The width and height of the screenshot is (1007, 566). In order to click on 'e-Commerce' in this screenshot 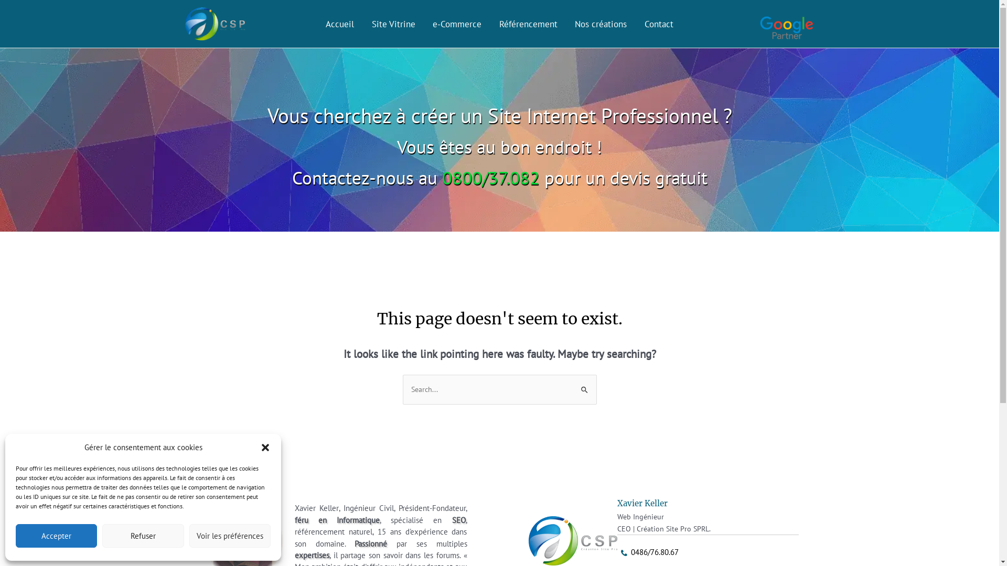, I will do `click(457, 24)`.